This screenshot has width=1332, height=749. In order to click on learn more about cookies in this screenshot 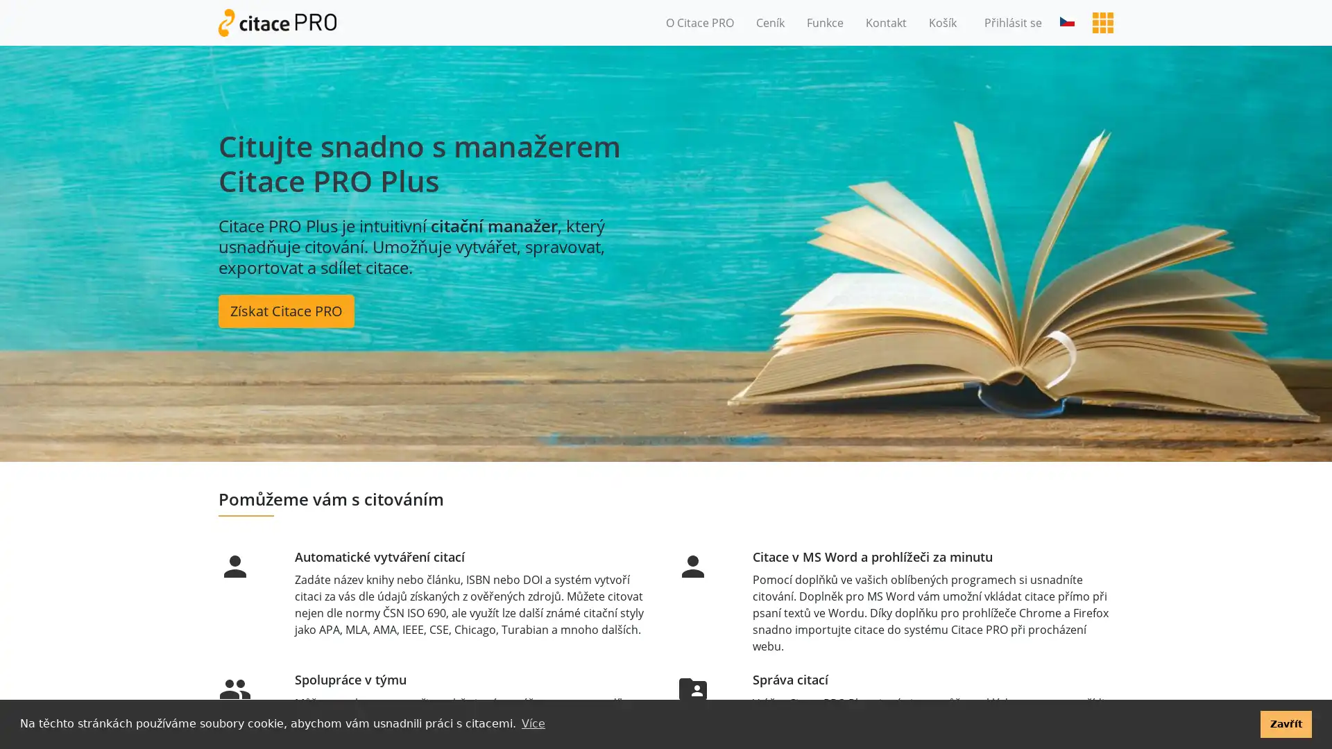, I will do `click(532, 723)`.